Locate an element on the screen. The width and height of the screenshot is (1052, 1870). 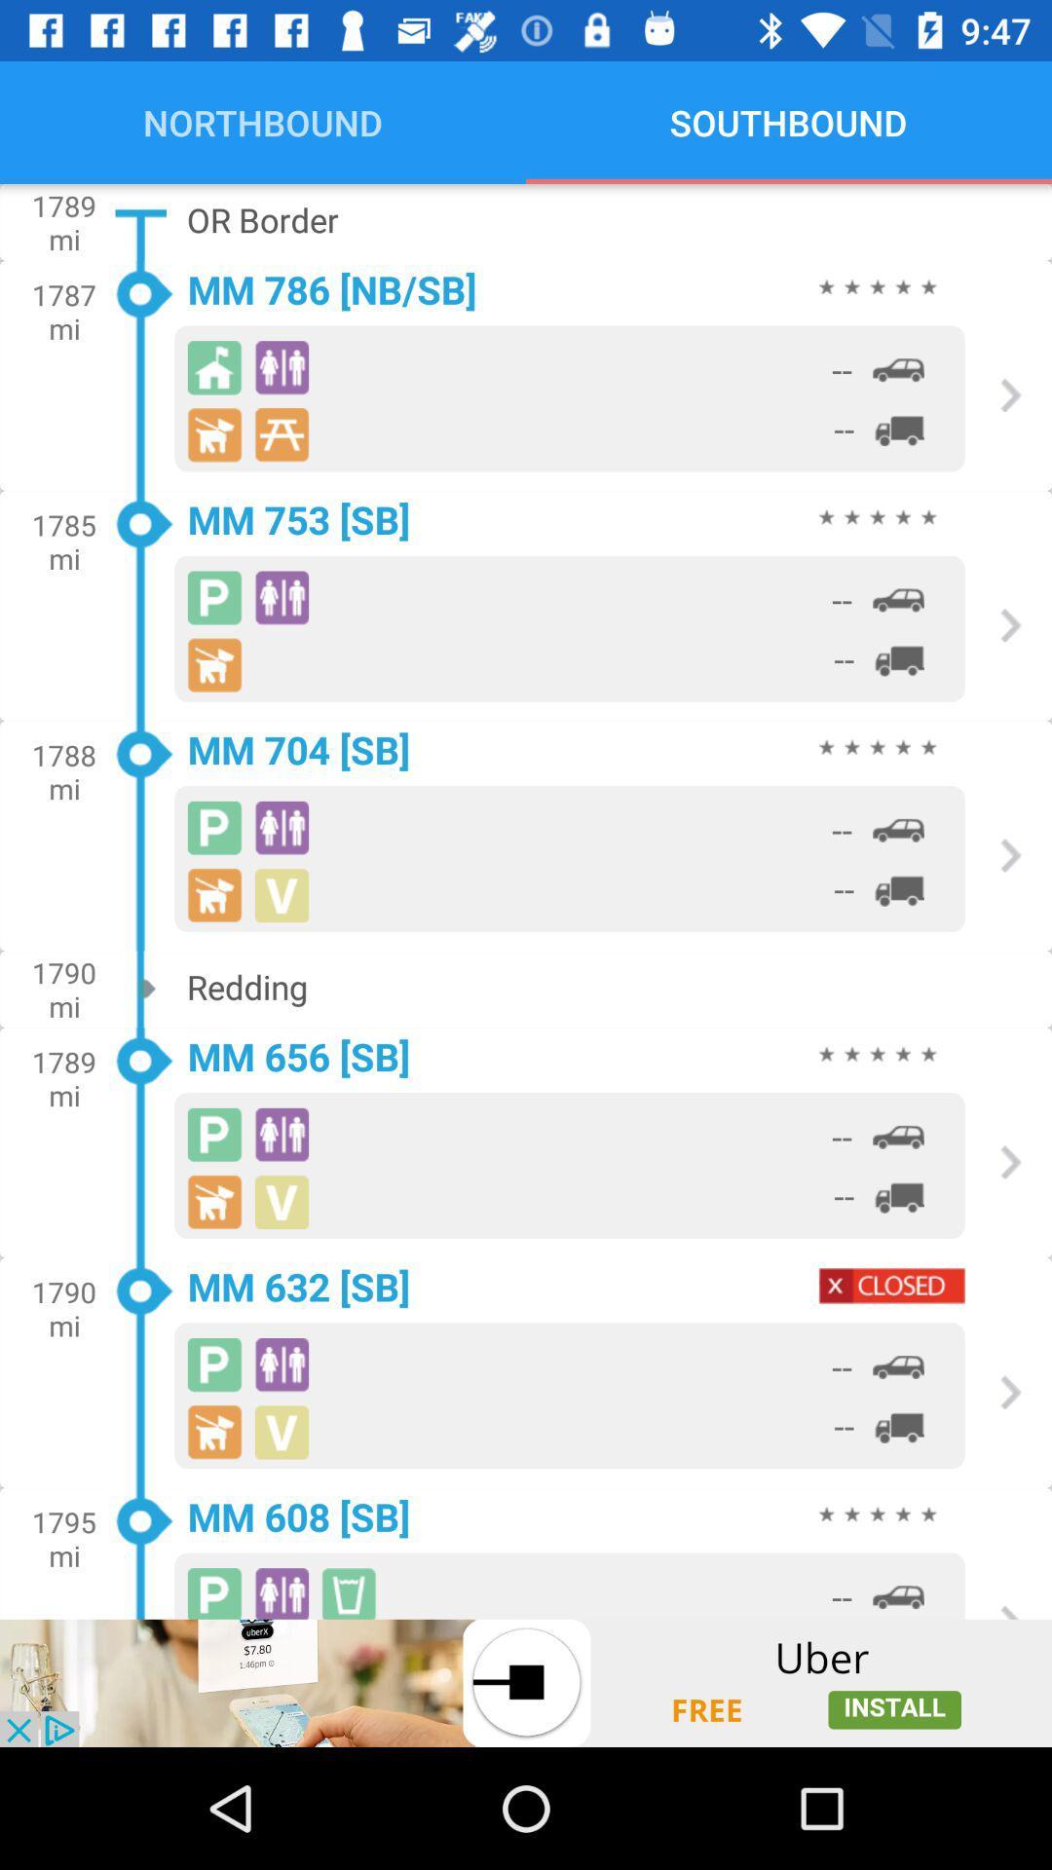
advertisement image is located at coordinates (526, 1682).